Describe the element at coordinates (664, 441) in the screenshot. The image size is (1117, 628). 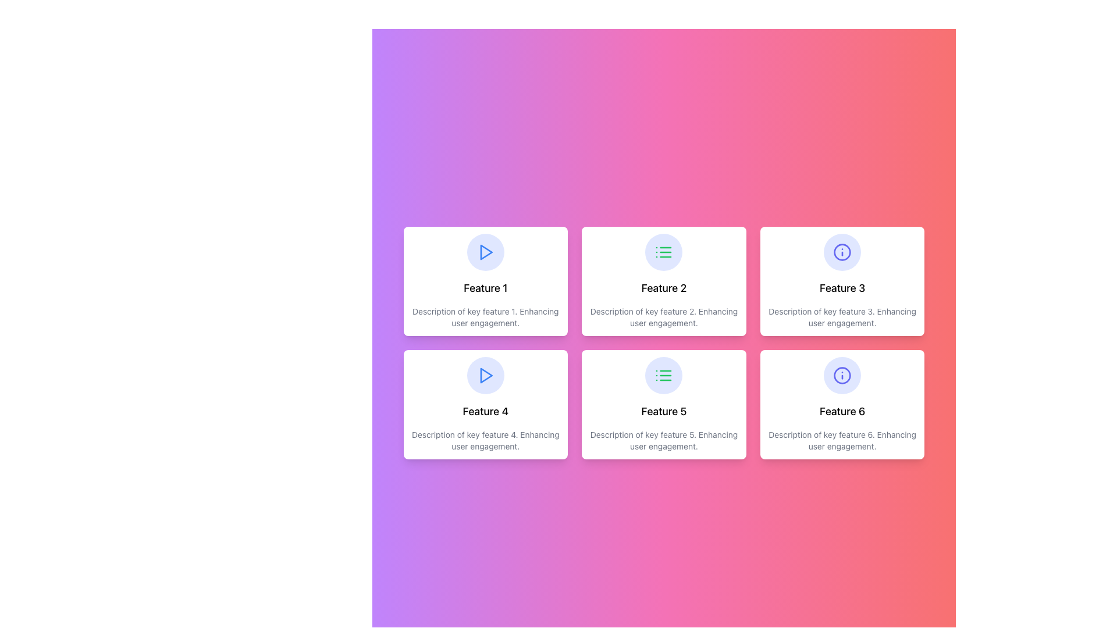
I see `descriptive information text located within the card labeled 'Feature 5', which is positioned in the second row, second column of a grid layout` at that location.